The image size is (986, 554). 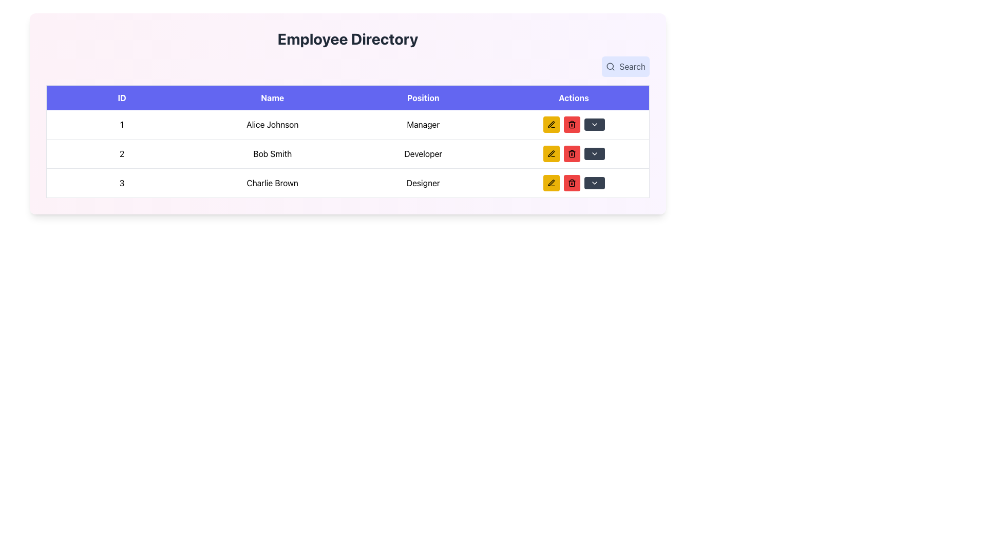 I want to click on the text of the 'Designer' label for employee 'Charlie Brown' in the third row of the position column, so click(x=423, y=183).